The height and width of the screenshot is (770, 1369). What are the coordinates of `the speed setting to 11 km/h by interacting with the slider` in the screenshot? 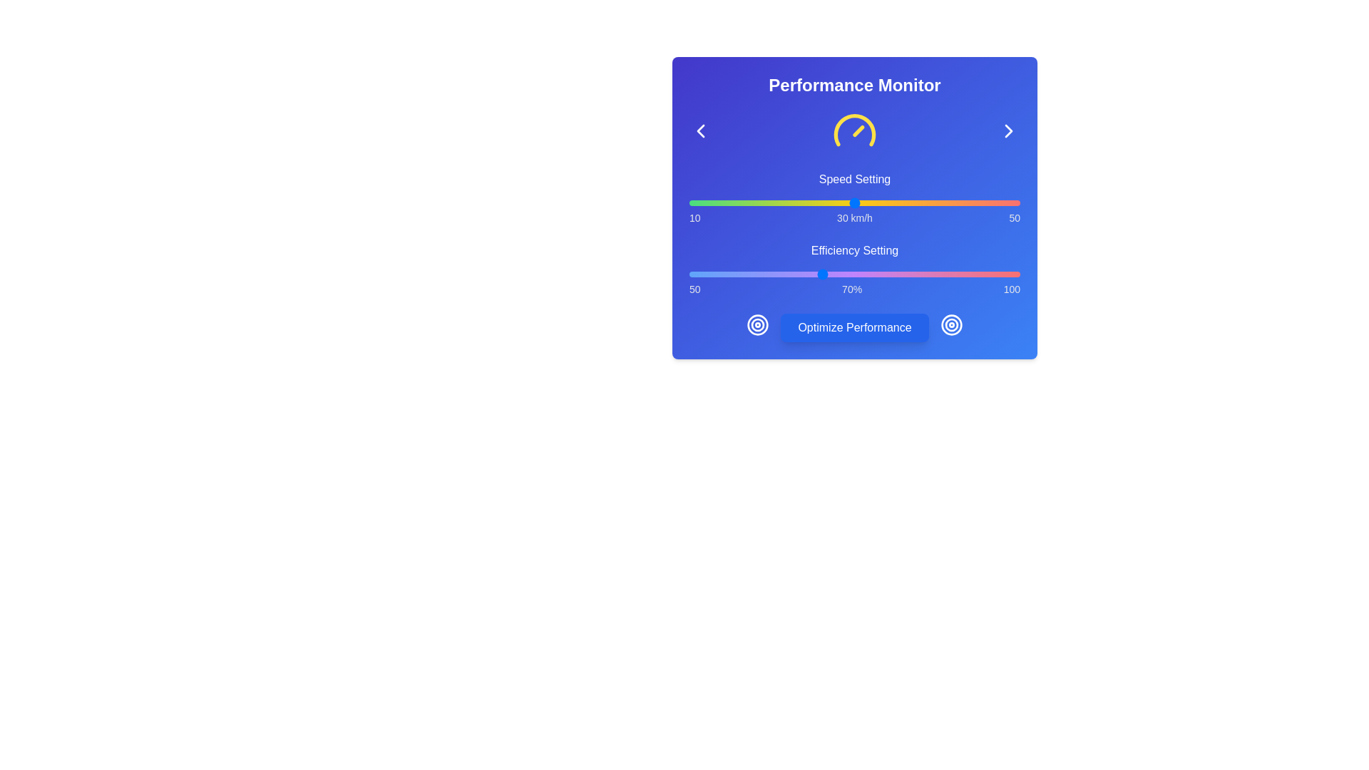 It's located at (697, 203).